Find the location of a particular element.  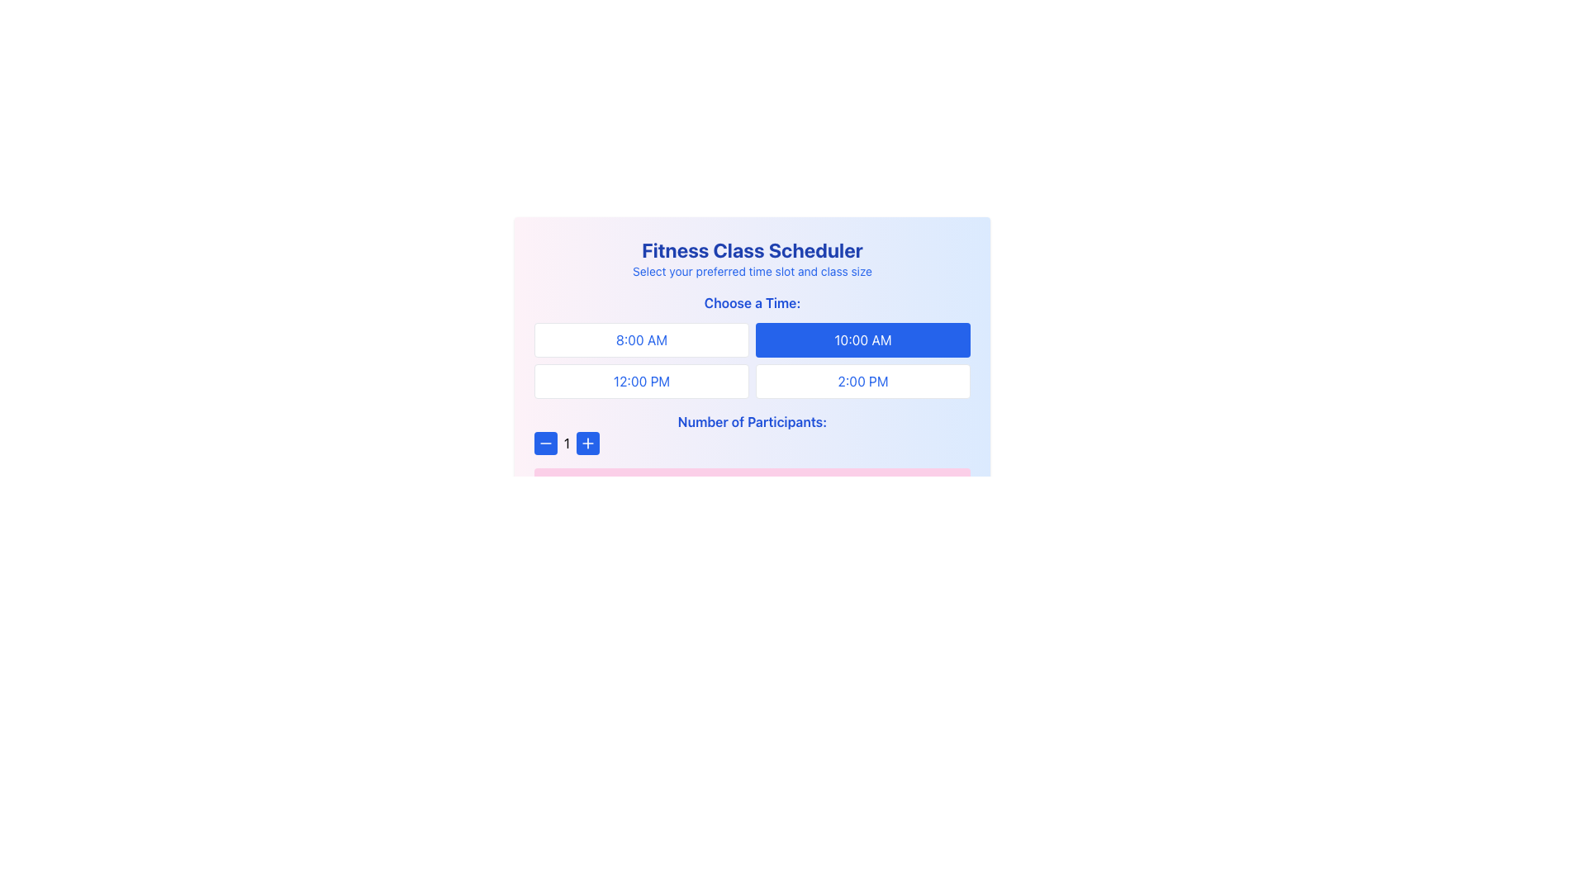

the circular blue button with a white plus sign located at the bottom left of the fitness scheduler interface to increment the participant count is located at coordinates (588, 442).